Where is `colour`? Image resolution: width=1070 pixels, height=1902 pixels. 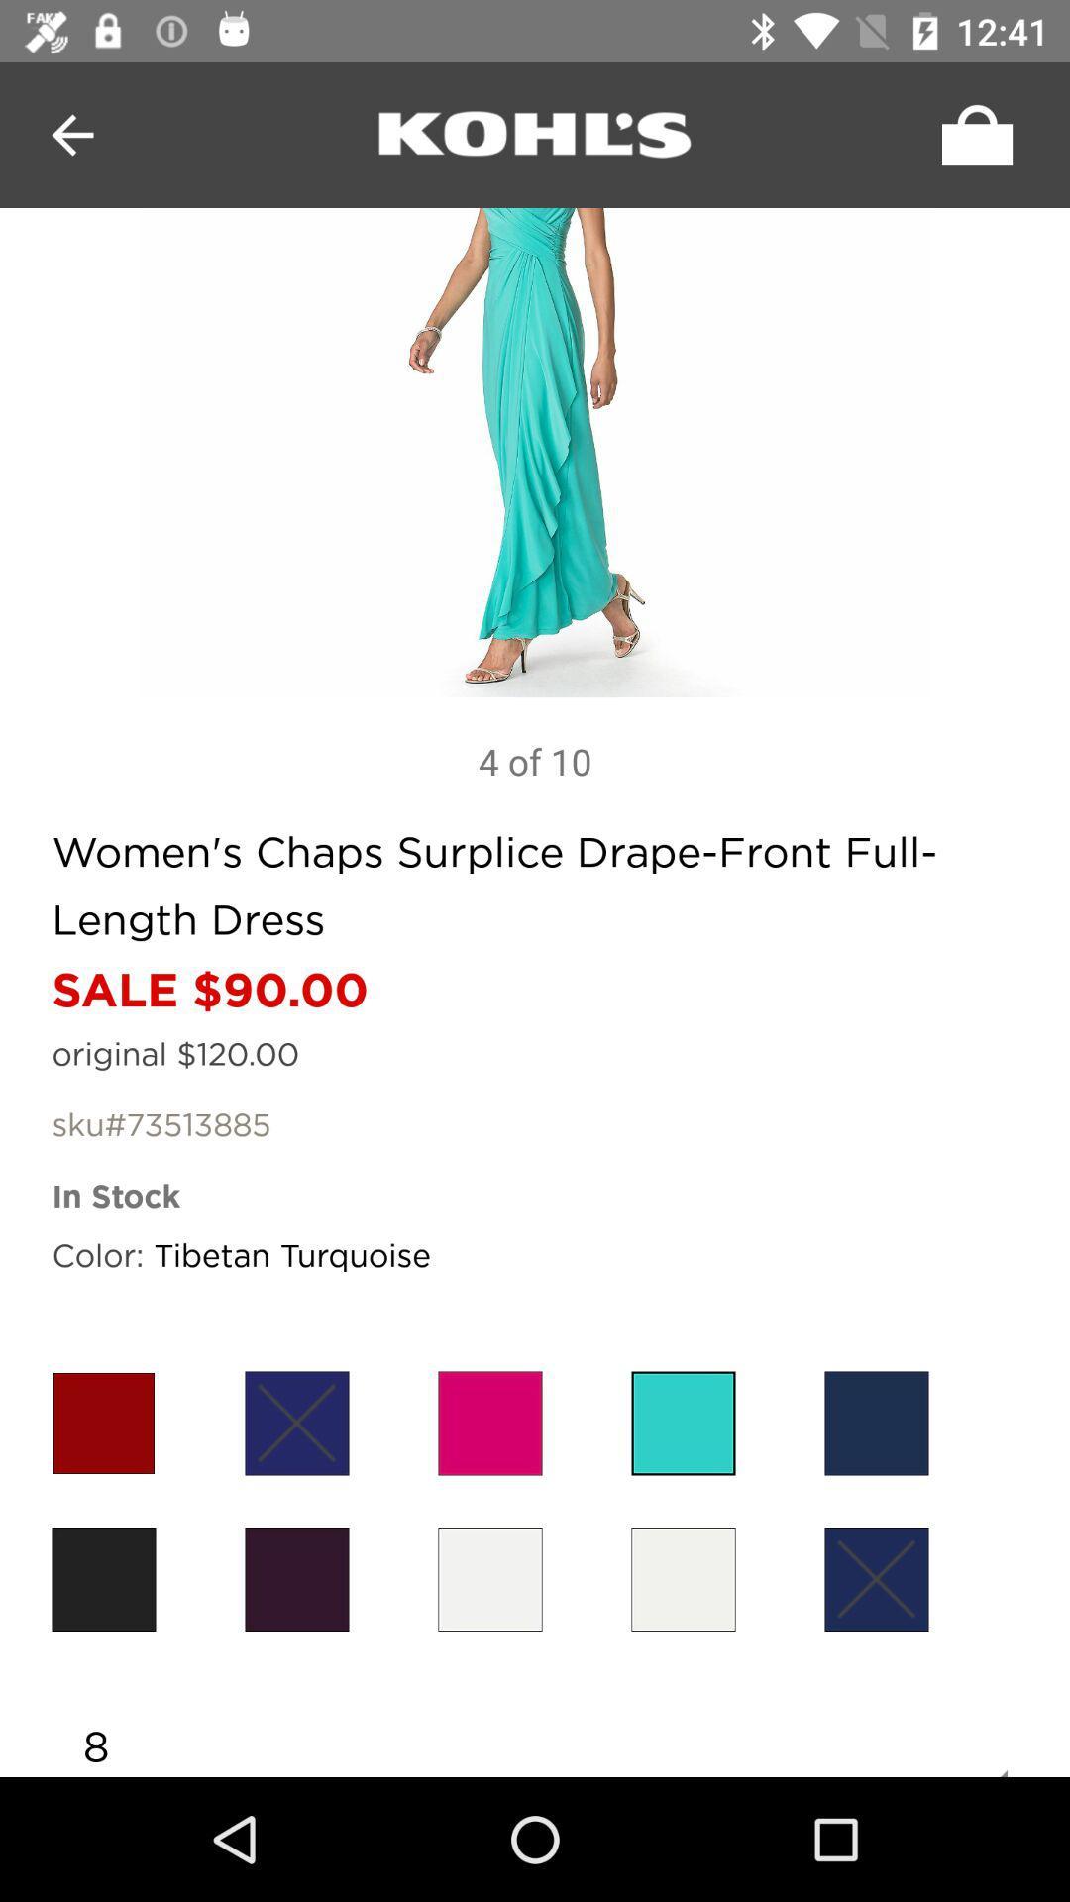 colour is located at coordinates (875, 1422).